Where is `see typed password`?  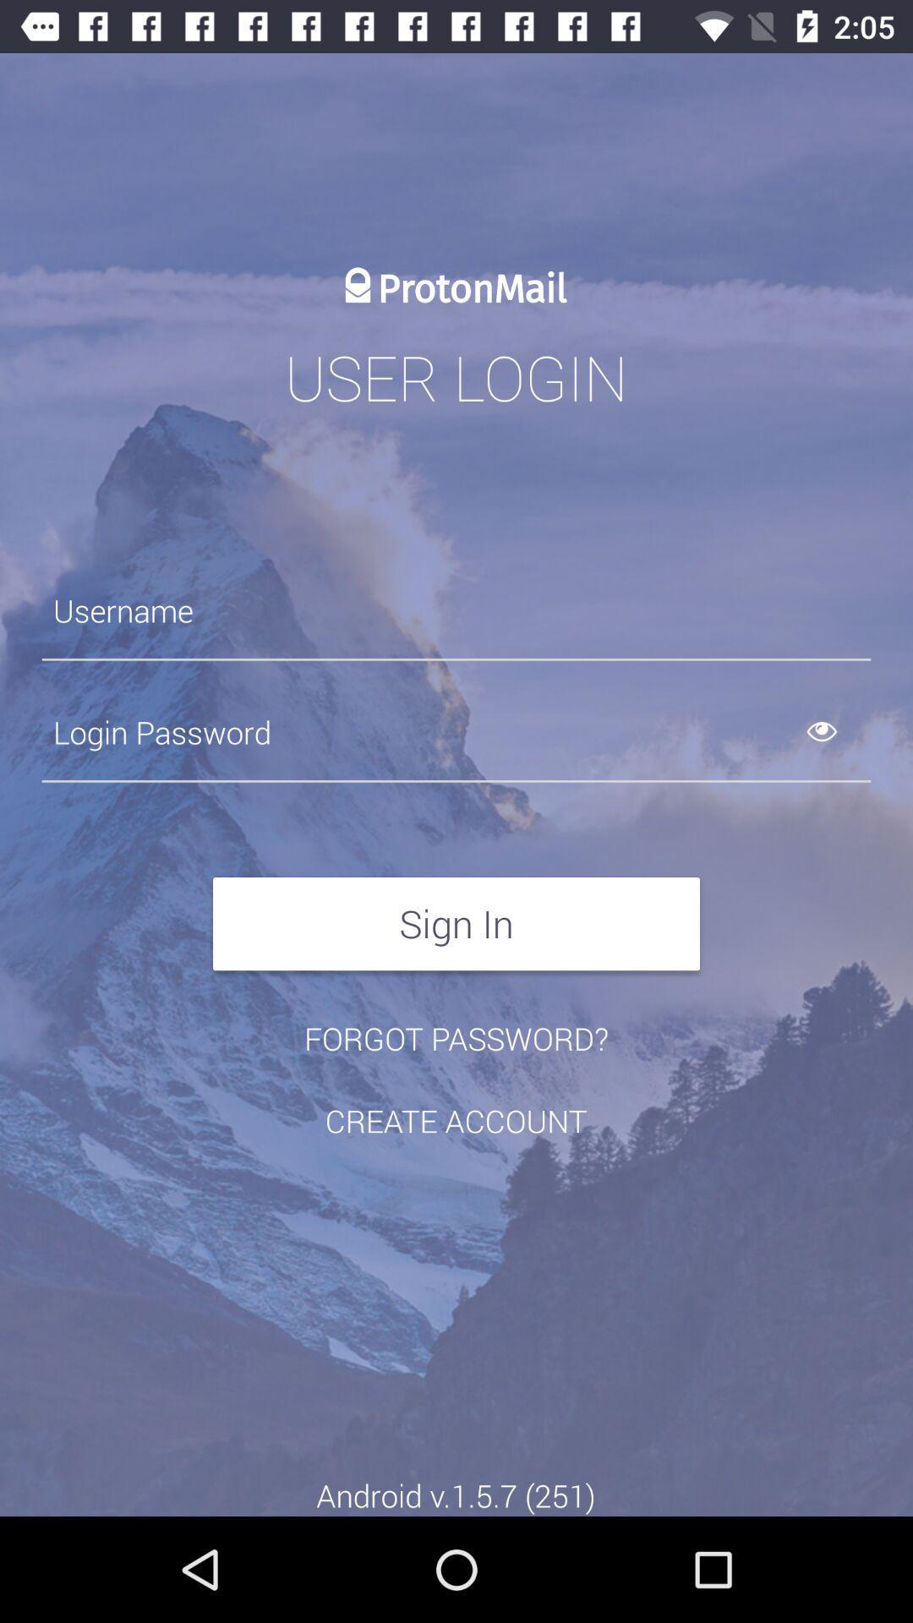
see typed password is located at coordinates (841, 732).